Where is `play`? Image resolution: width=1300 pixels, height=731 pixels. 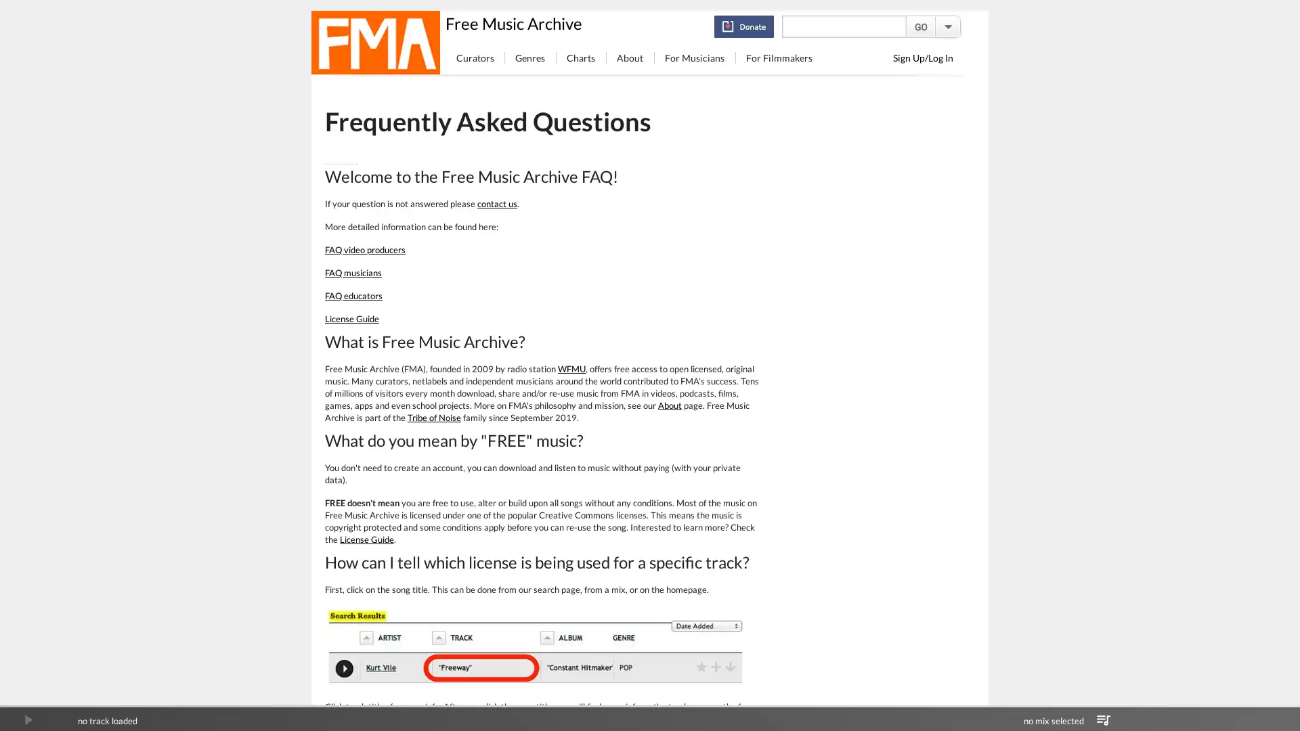
play is located at coordinates (28, 719).